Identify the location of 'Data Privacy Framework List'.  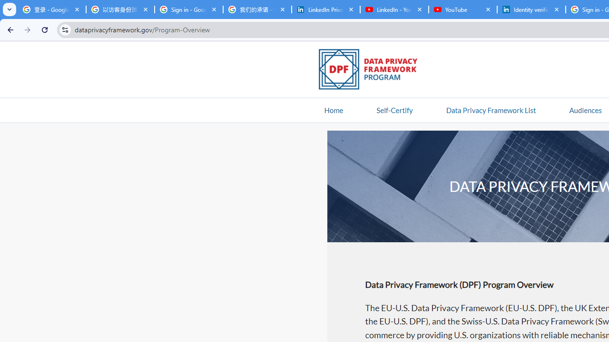
(491, 109).